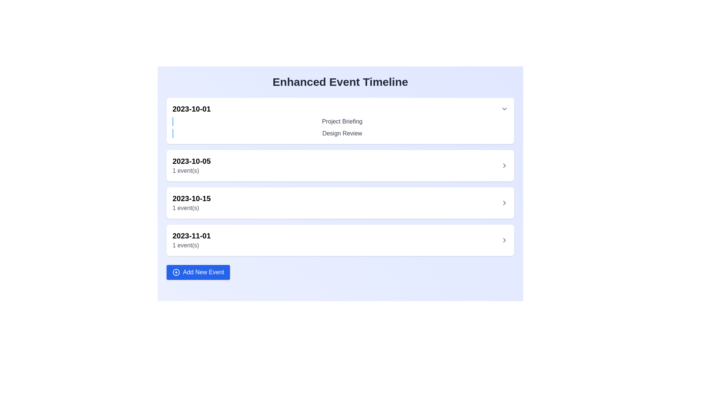  Describe the element at coordinates (340, 177) in the screenshot. I see `the second card element in the event timeline list that displays the date and number of events associated with it` at that location.